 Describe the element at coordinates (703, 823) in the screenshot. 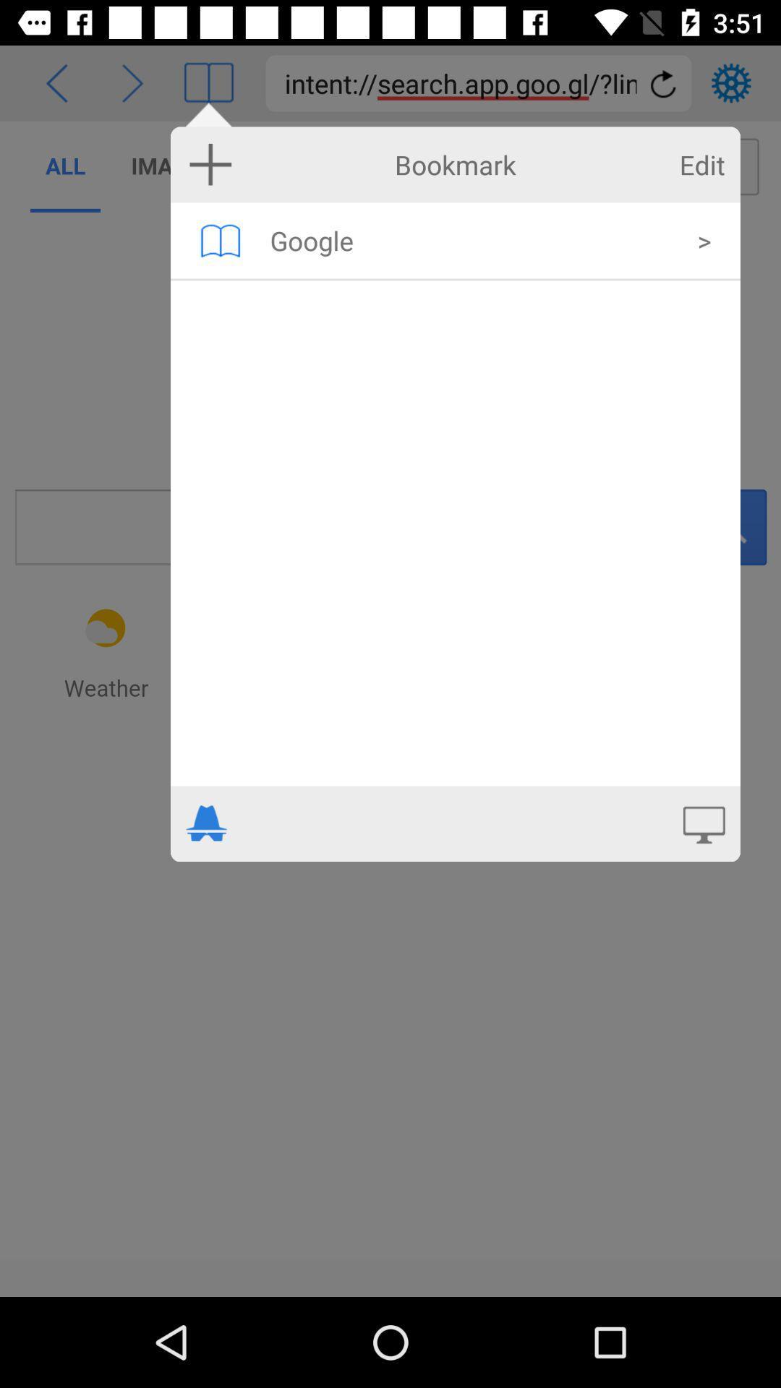

I see `open full screen` at that location.